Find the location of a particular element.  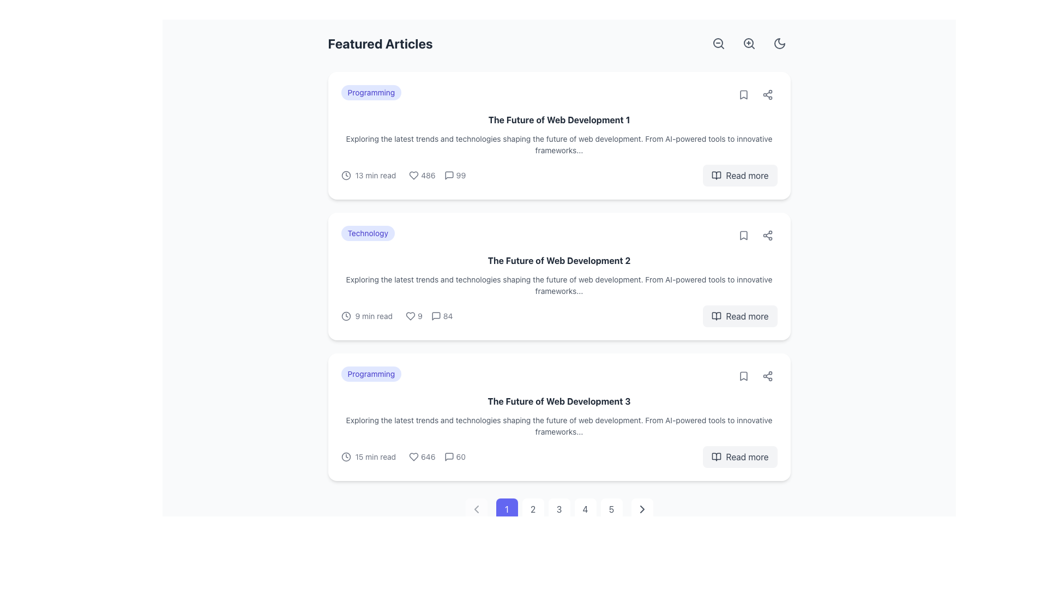

the comment icon representing the comment functionality for the second featured article, located centrally in the third column of the second row of the main content section is located at coordinates (435, 316).